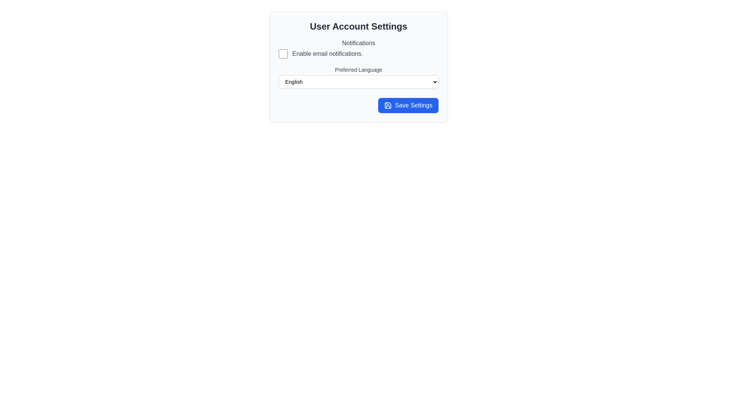 The image size is (729, 410). What do you see at coordinates (358, 70) in the screenshot?
I see `the descriptive text label in the 'User Account Settings' section, which is positioned directly above the language dropdown menu` at bounding box center [358, 70].